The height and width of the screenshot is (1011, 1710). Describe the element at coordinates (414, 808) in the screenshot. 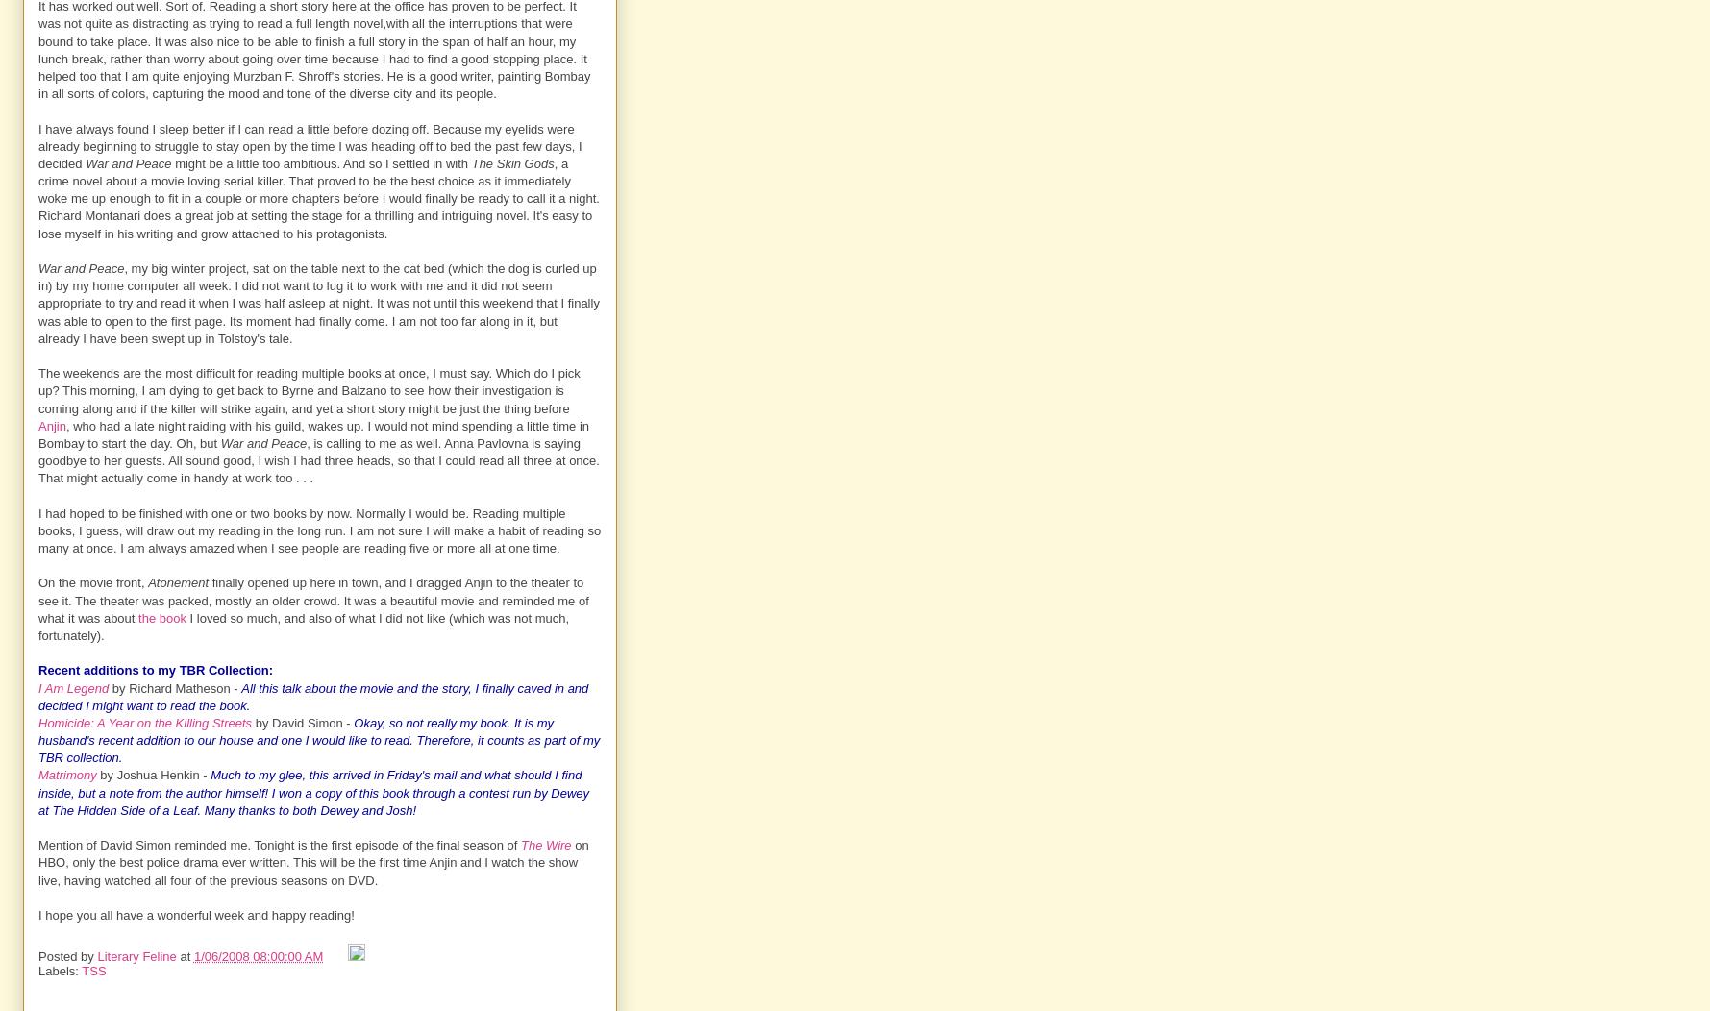

I see `'!'` at that location.